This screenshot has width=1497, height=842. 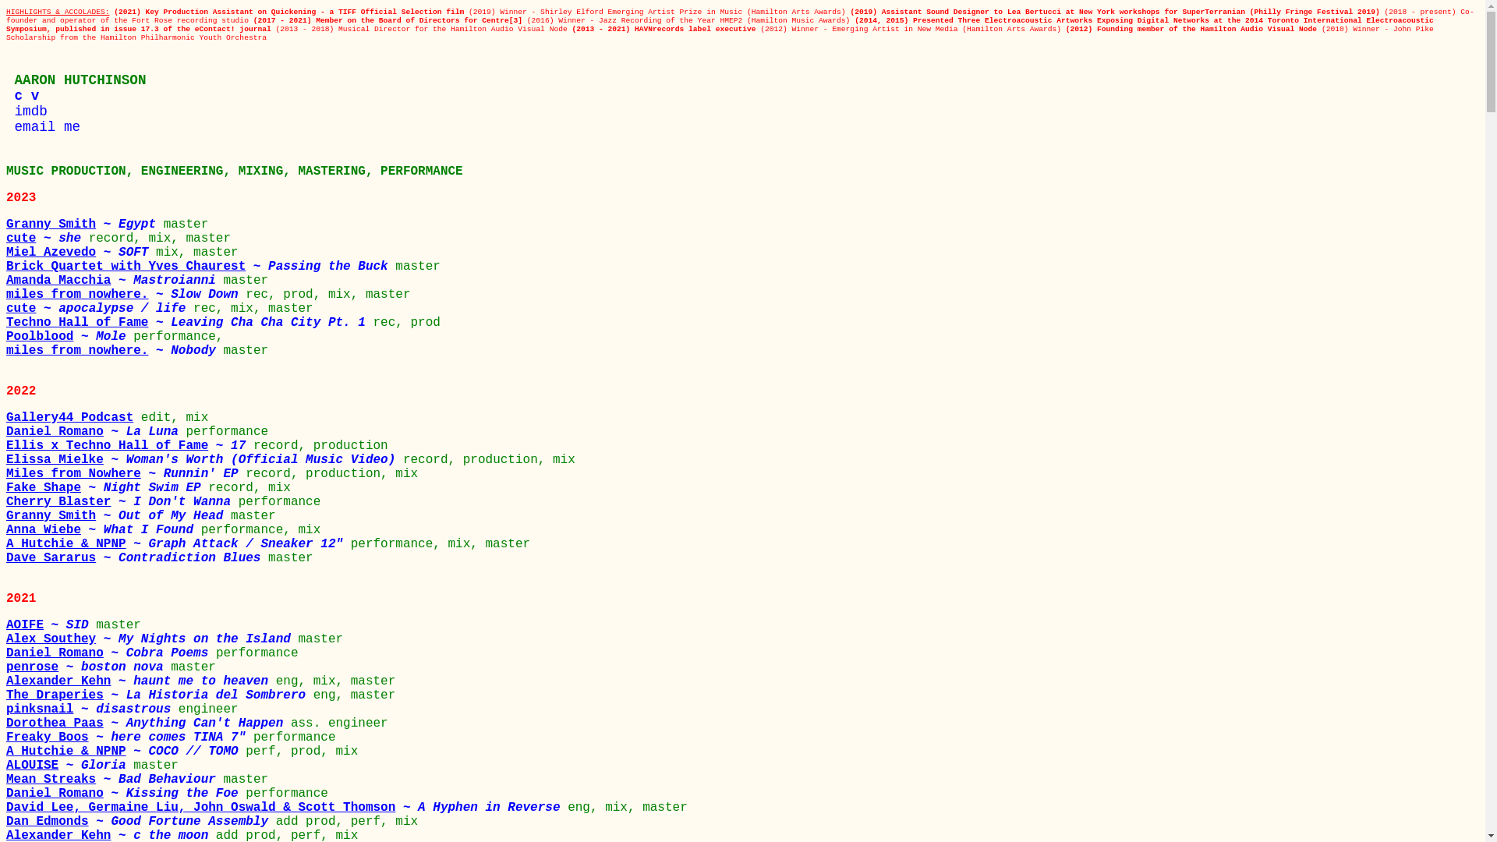 What do you see at coordinates (80, 252) in the screenshot?
I see `'Miel Azevedo ~ SOFT'` at bounding box center [80, 252].